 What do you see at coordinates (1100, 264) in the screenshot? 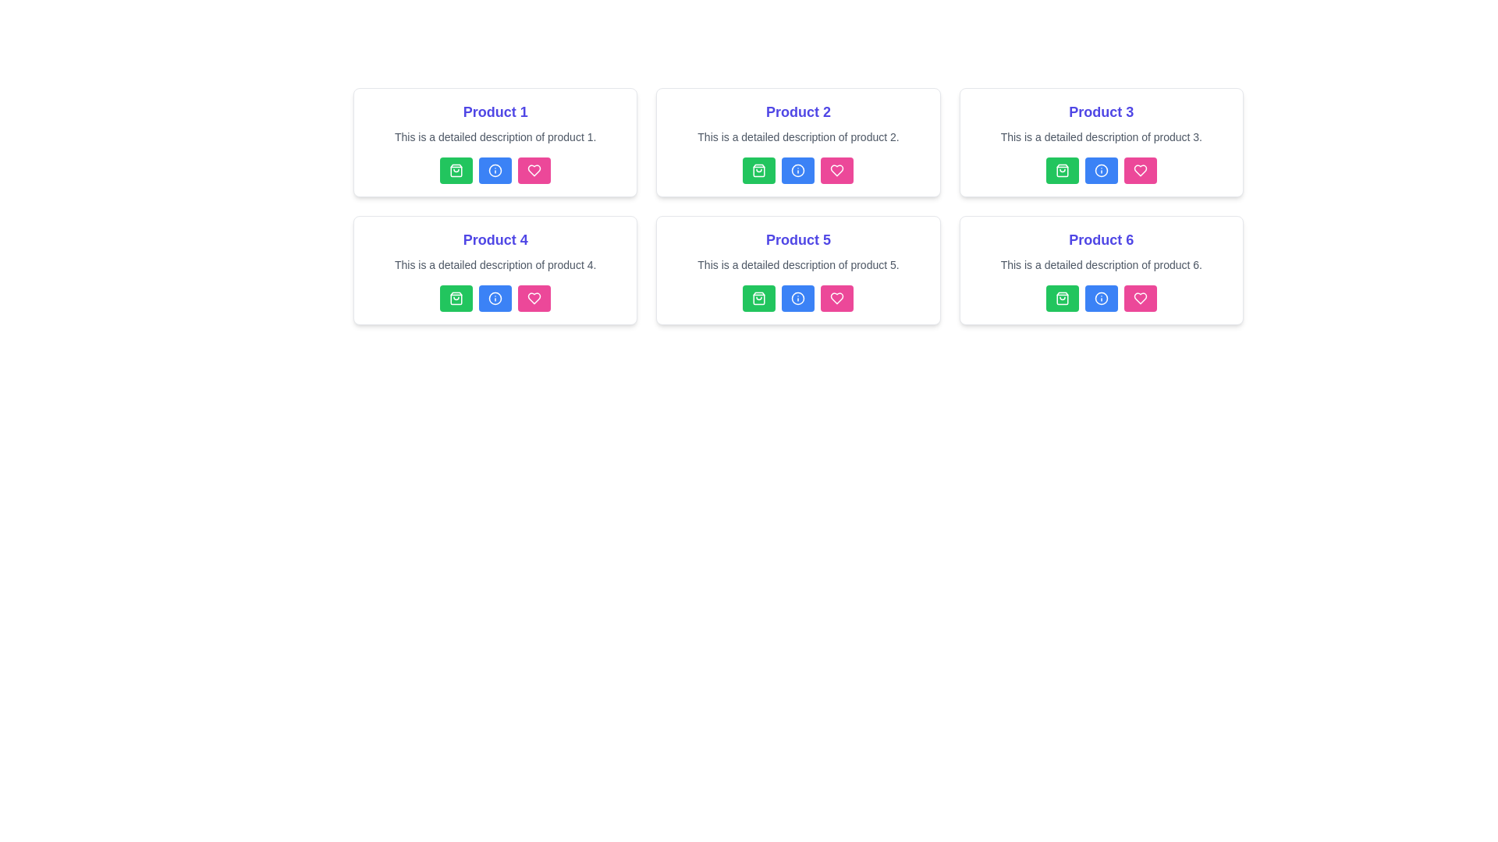
I see `the descriptive text label of 'Product 6' located below the product title and above the interactive icons` at bounding box center [1100, 264].